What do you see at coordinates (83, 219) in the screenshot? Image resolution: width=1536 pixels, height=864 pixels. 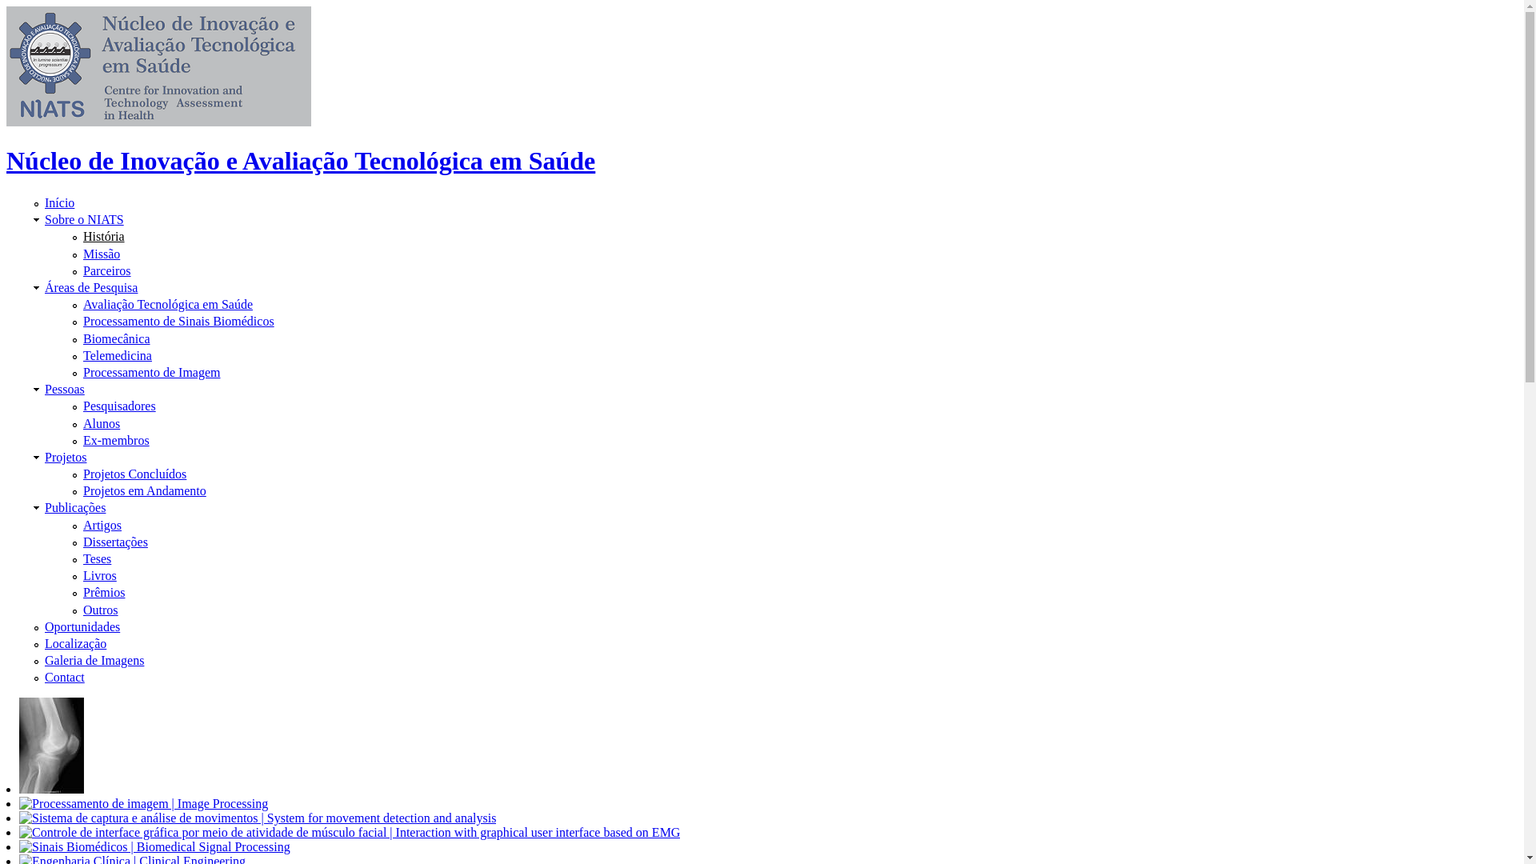 I see `'Sobre o NIATS'` at bounding box center [83, 219].